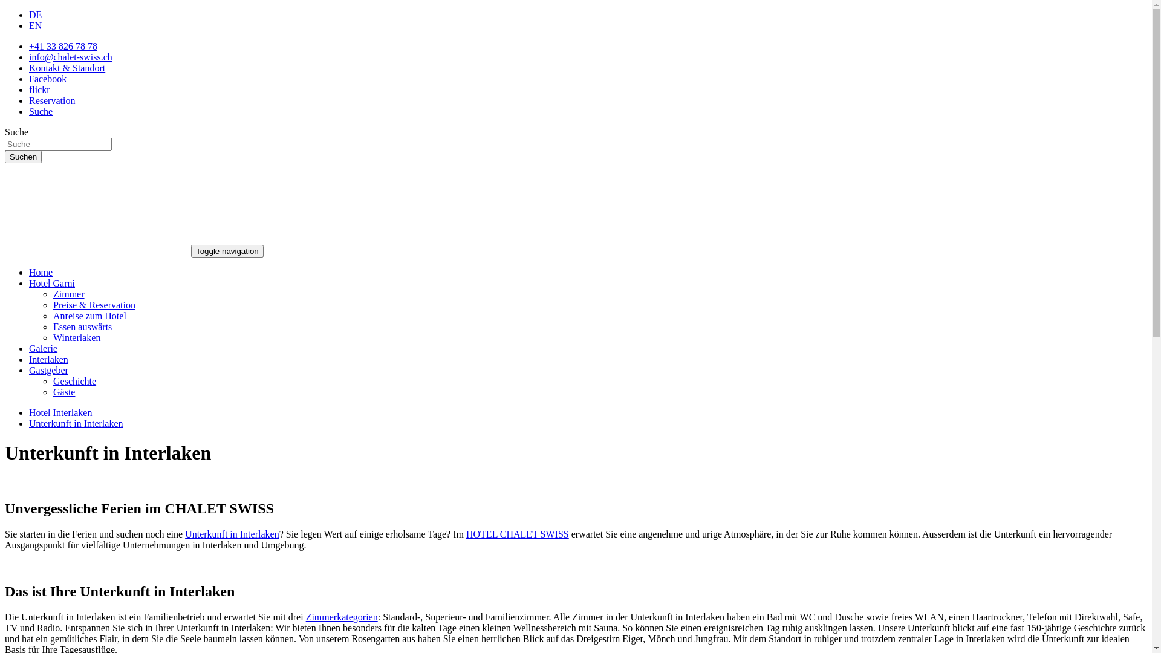 Image resolution: width=1161 pixels, height=653 pixels. I want to click on 'Suche', so click(29, 111).